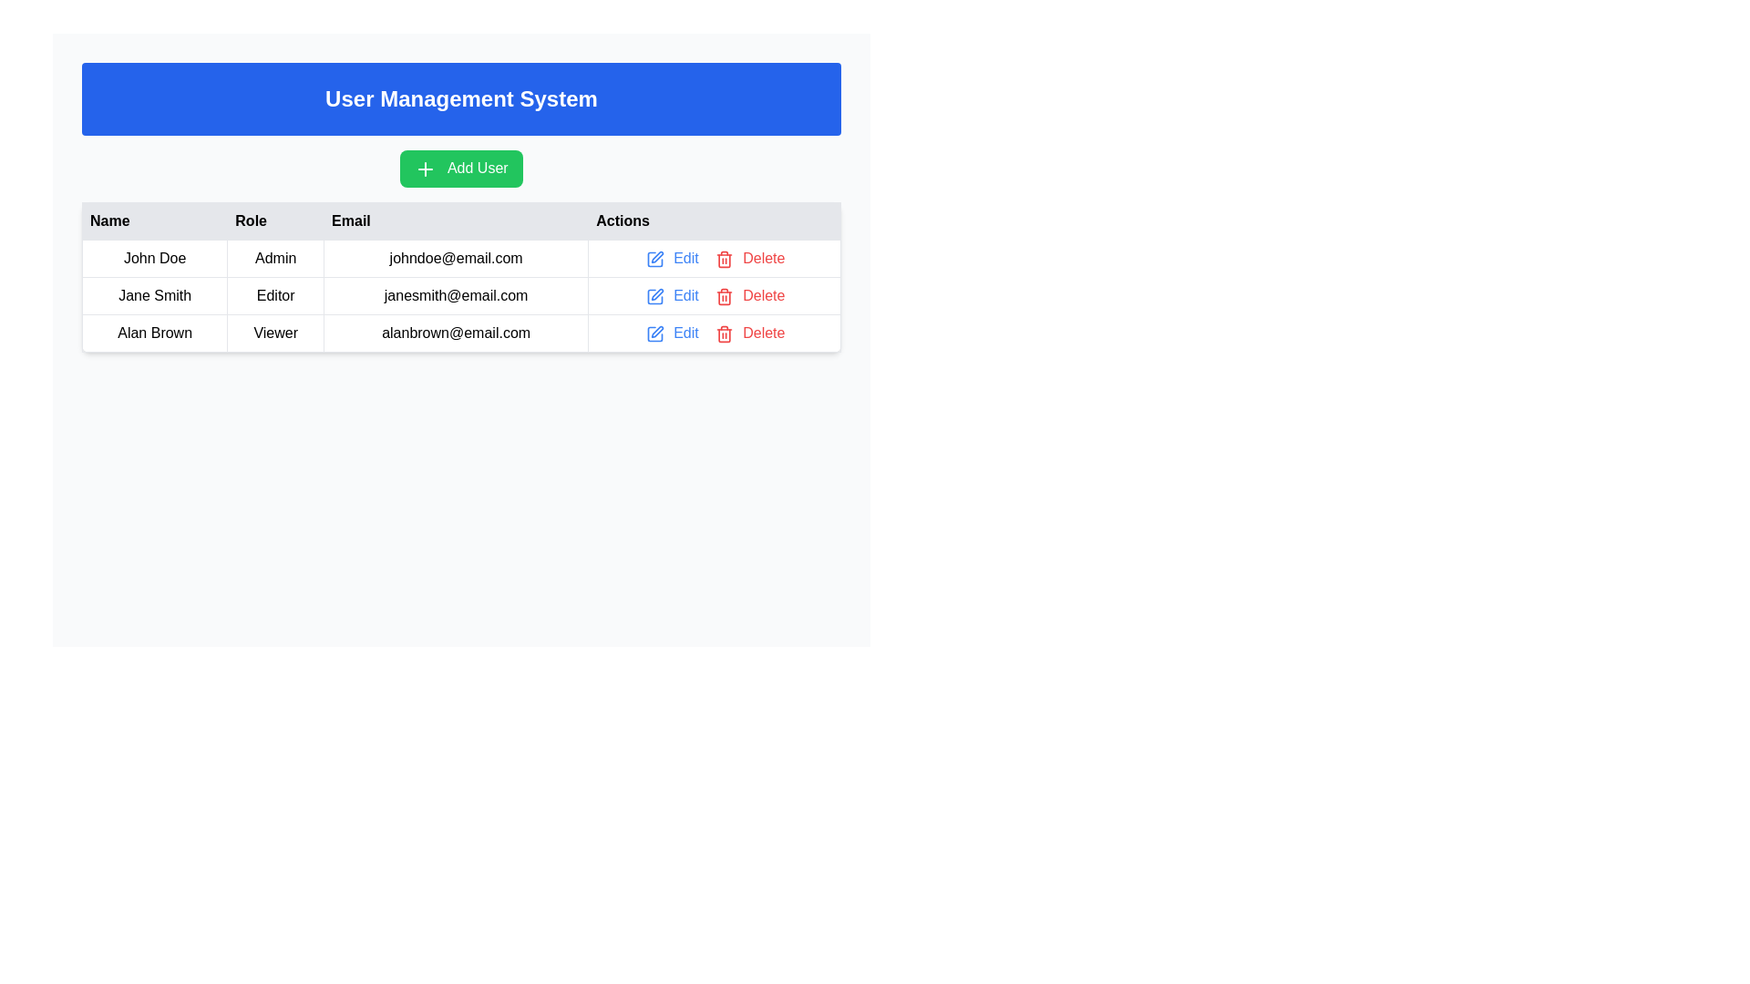 The height and width of the screenshot is (984, 1750). Describe the element at coordinates (461, 333) in the screenshot. I see `the table row displaying user details for 'Alan Brown', who has the role of 'Viewer' and the email 'alanbrown@email.com', located as the third row in the 'User Management System' table` at that location.